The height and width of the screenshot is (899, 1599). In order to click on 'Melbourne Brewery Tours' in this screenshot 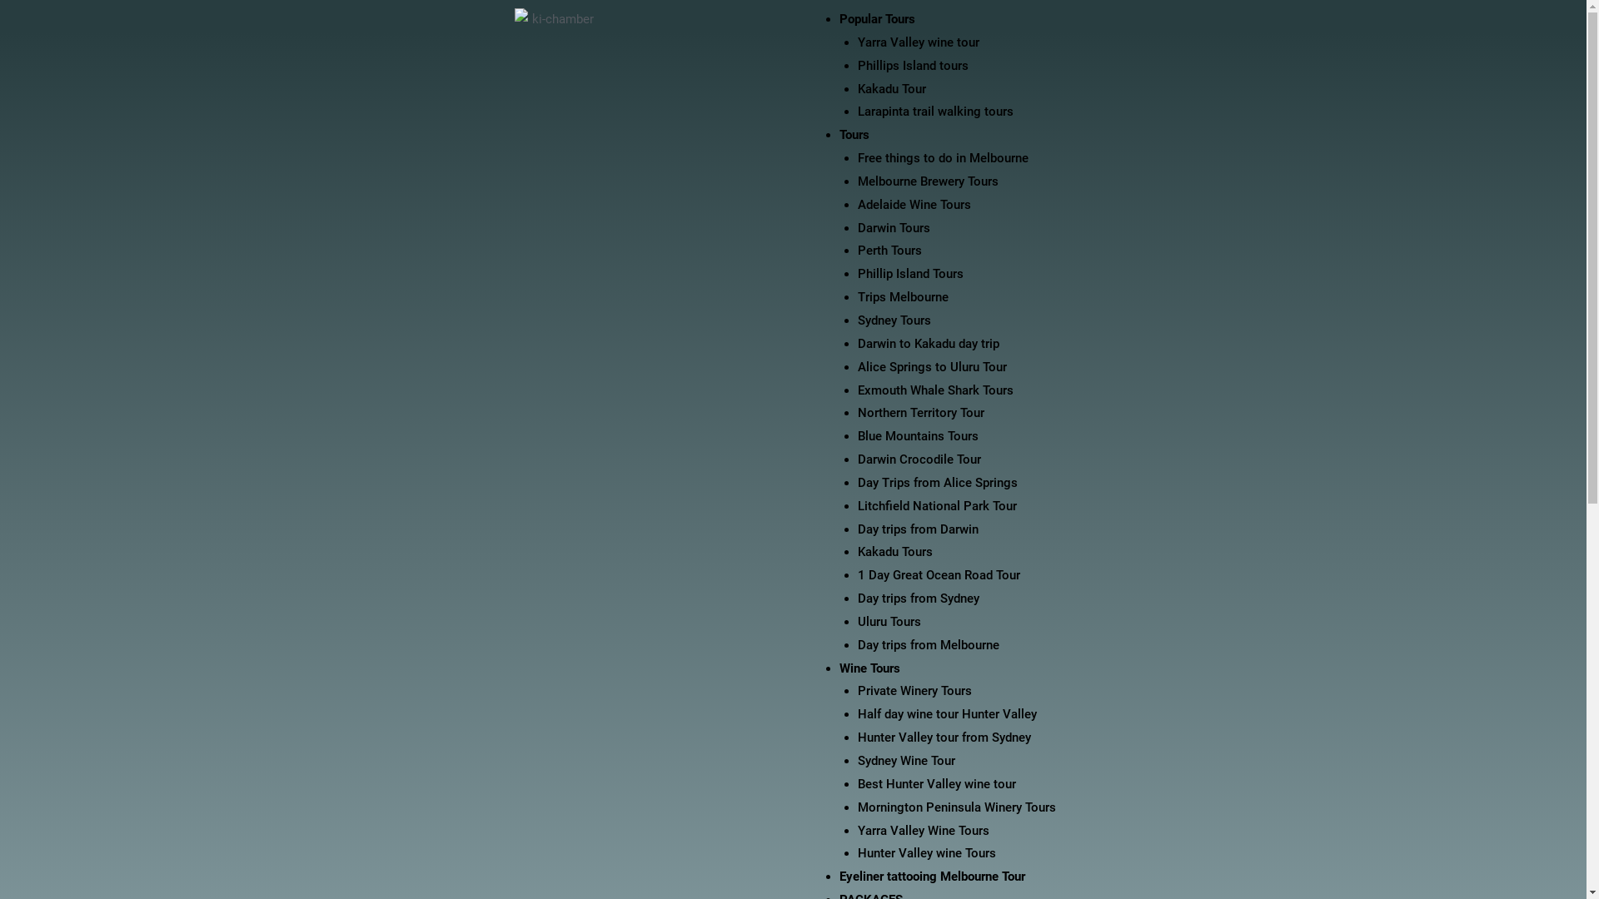, I will do `click(927, 181)`.